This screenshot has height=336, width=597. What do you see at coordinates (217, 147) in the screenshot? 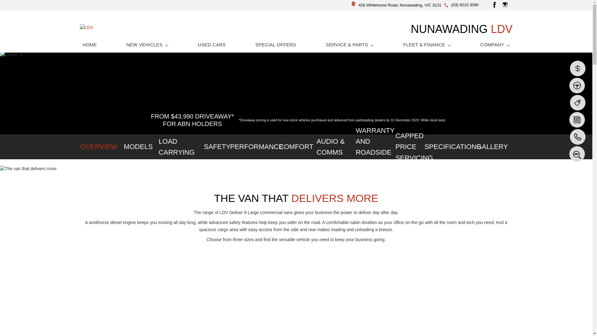
I see `'SAFETY'` at bounding box center [217, 147].